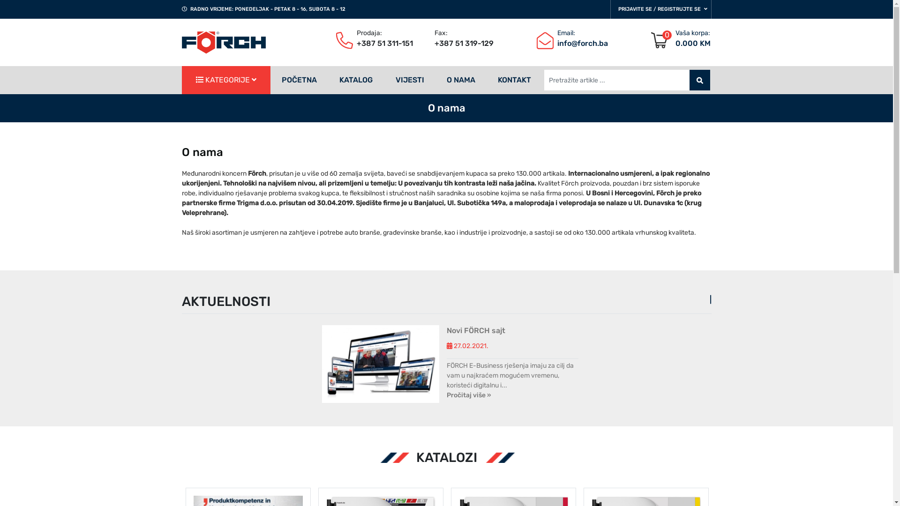 This screenshot has width=900, height=506. I want to click on 'O NAMA', so click(461, 79).